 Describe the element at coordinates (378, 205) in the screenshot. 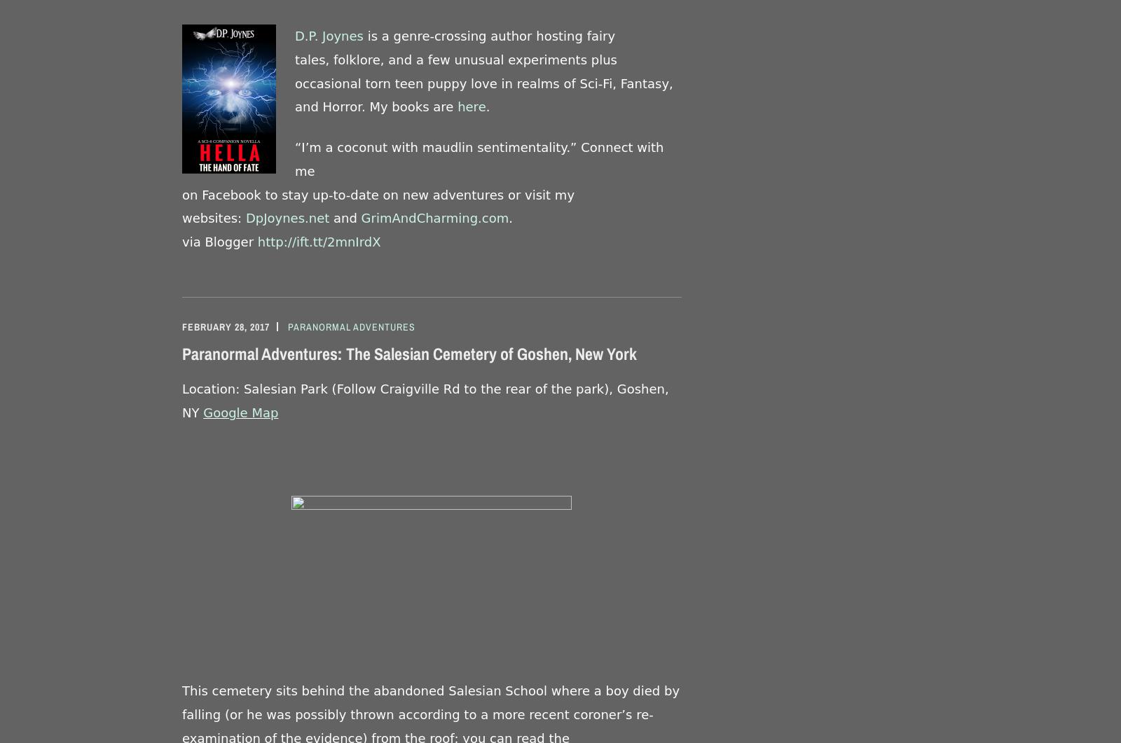

I see `'on Facebook to stay up-to-date on new adventures or visit my websites:'` at that location.